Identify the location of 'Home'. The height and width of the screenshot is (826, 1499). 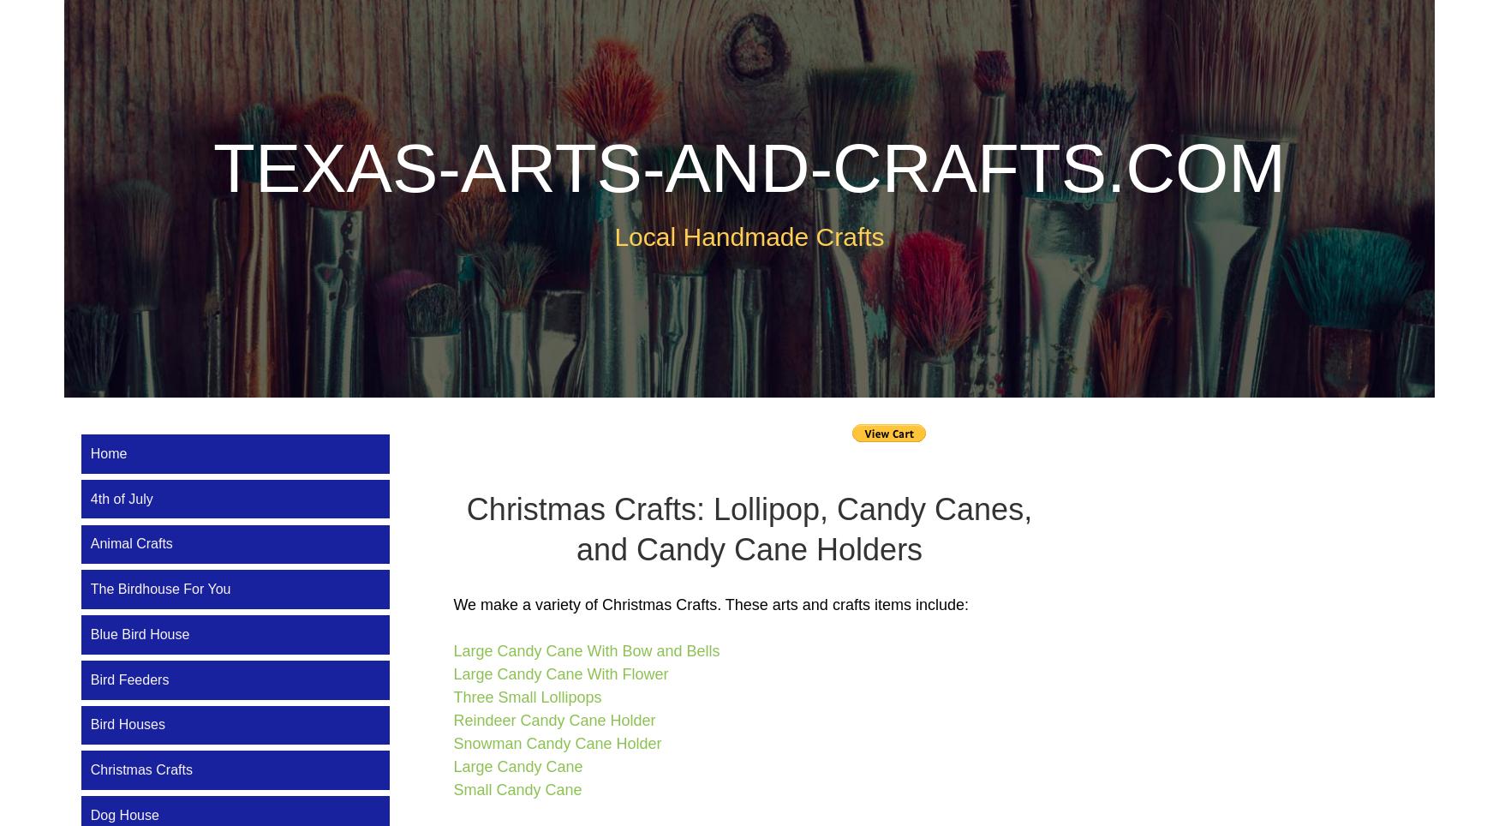
(107, 452).